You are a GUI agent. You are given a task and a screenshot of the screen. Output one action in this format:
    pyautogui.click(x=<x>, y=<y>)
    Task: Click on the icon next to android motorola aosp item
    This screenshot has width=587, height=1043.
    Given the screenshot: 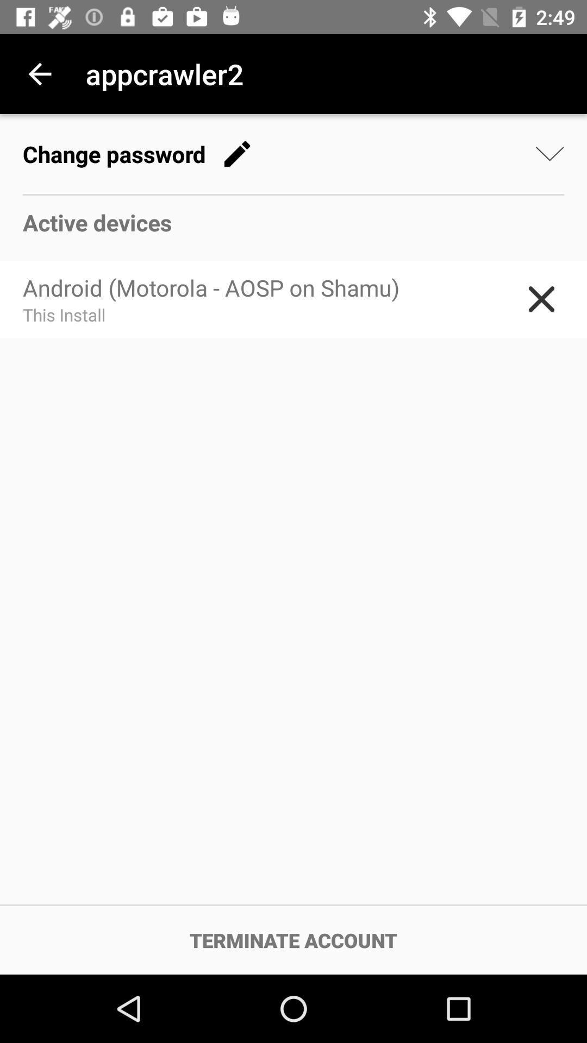 What is the action you would take?
    pyautogui.click(x=541, y=299)
    